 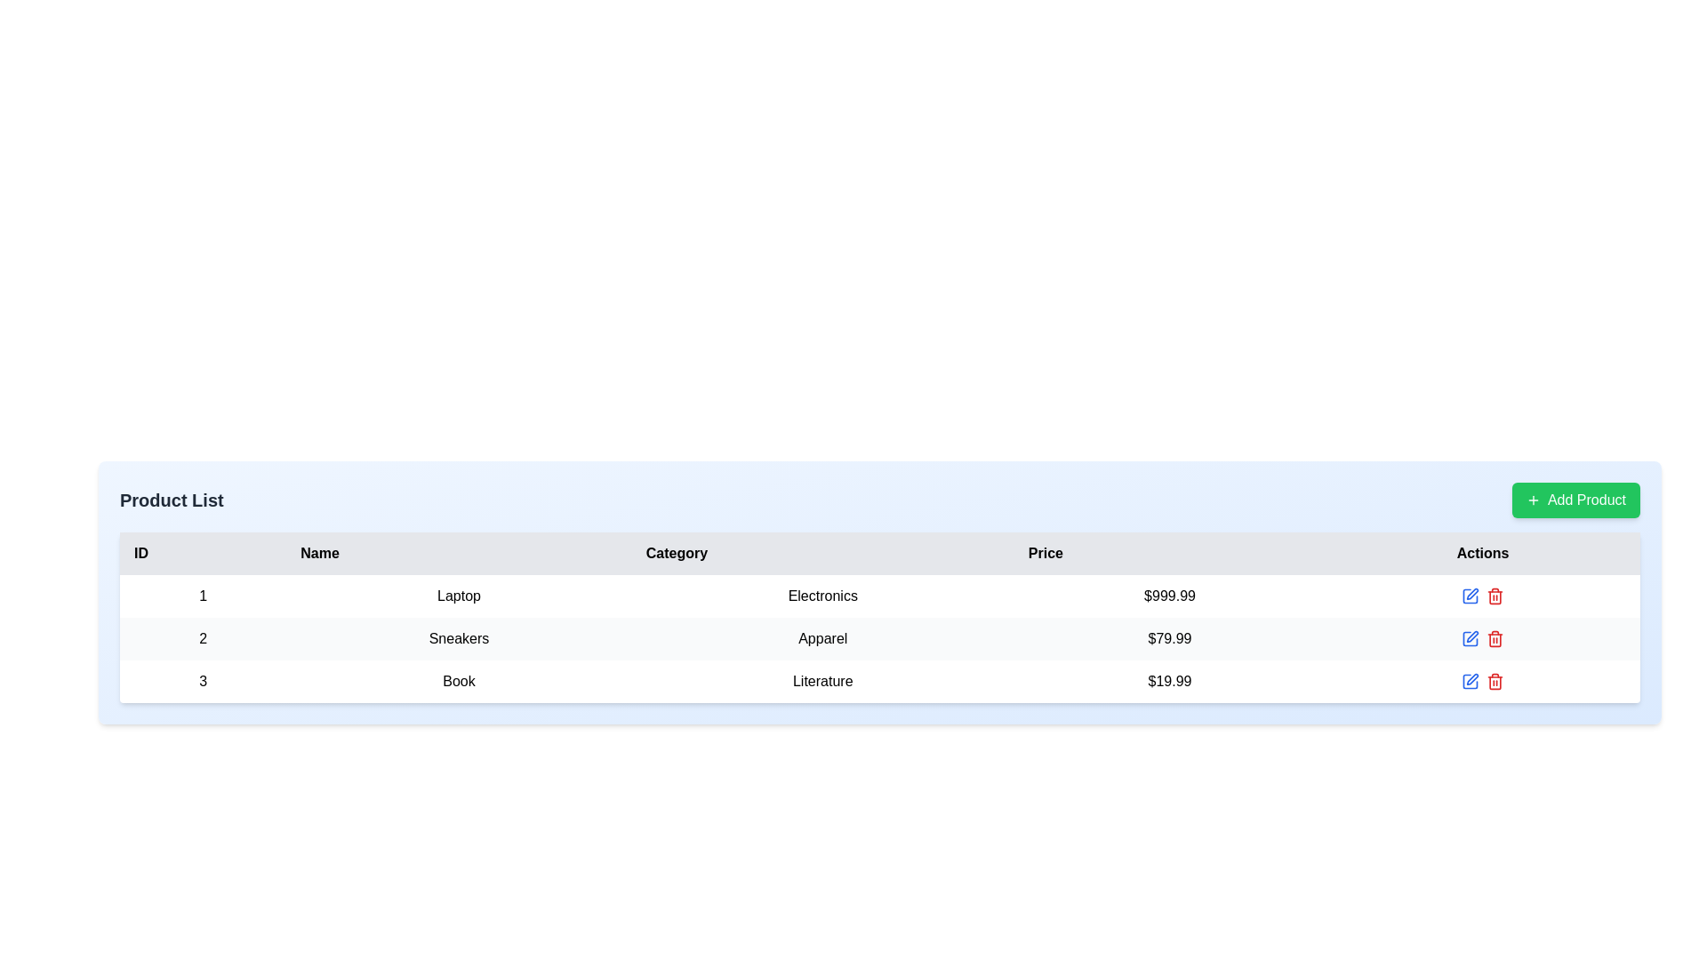 I want to click on the trash bin icon represented by a vertical rectangular figure with two parallel vertical lines, located, so click(x=1495, y=597).